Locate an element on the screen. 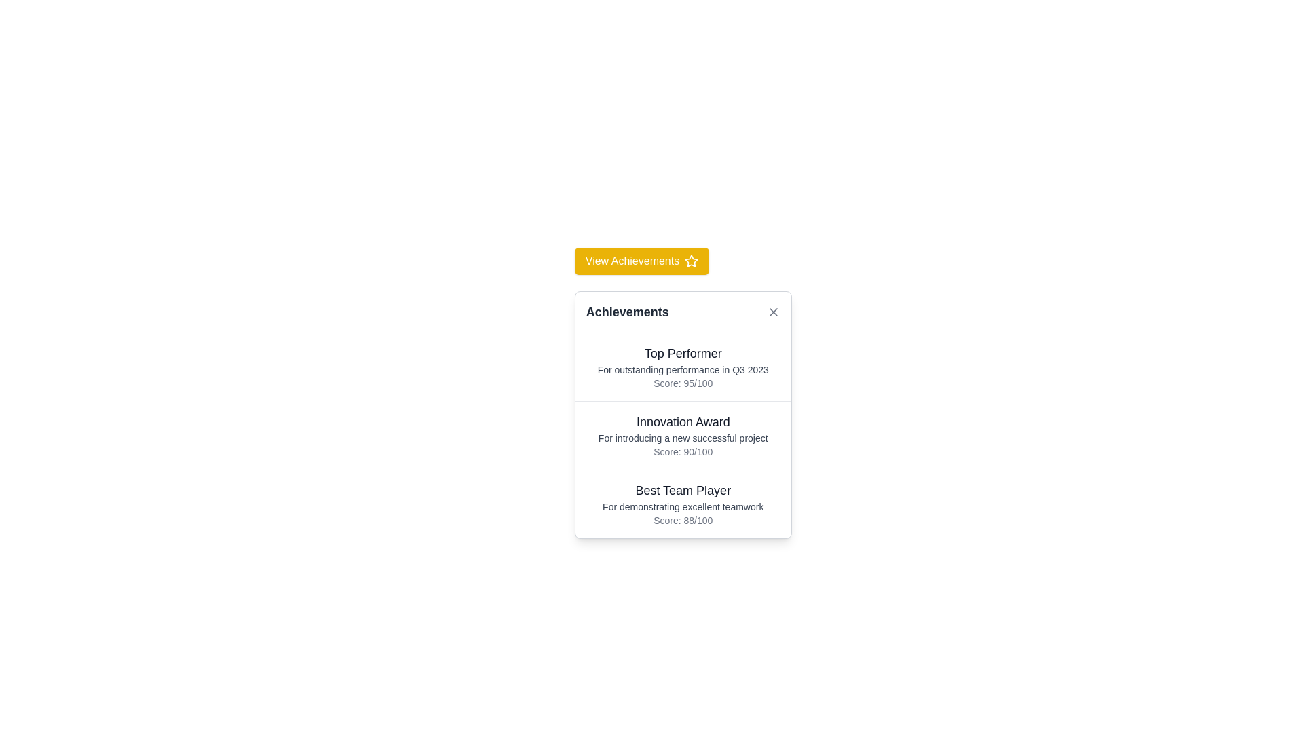 The width and height of the screenshot is (1303, 733). the golden yellow star-shaped icon located to the right of the 'View Achievements' button in the upper section of the interface is located at coordinates (692, 261).